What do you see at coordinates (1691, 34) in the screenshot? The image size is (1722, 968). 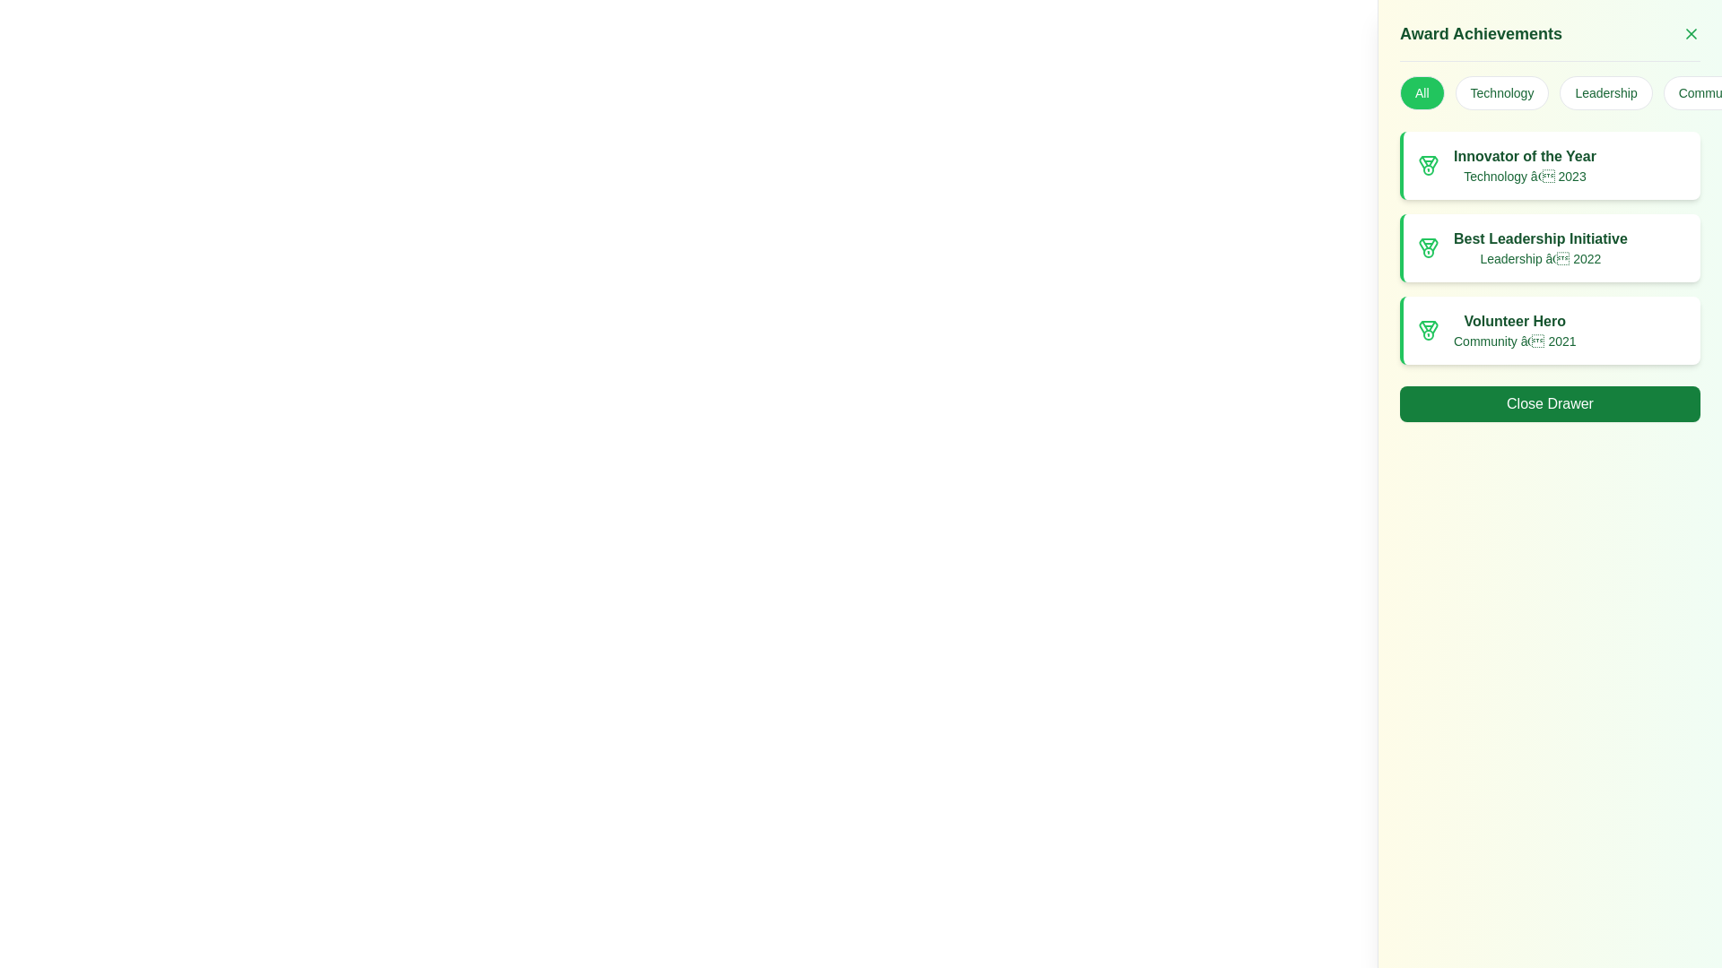 I see `the Close Button Icon located in the top-right corner next to the 'Award Achievements' title to interact with it` at bounding box center [1691, 34].